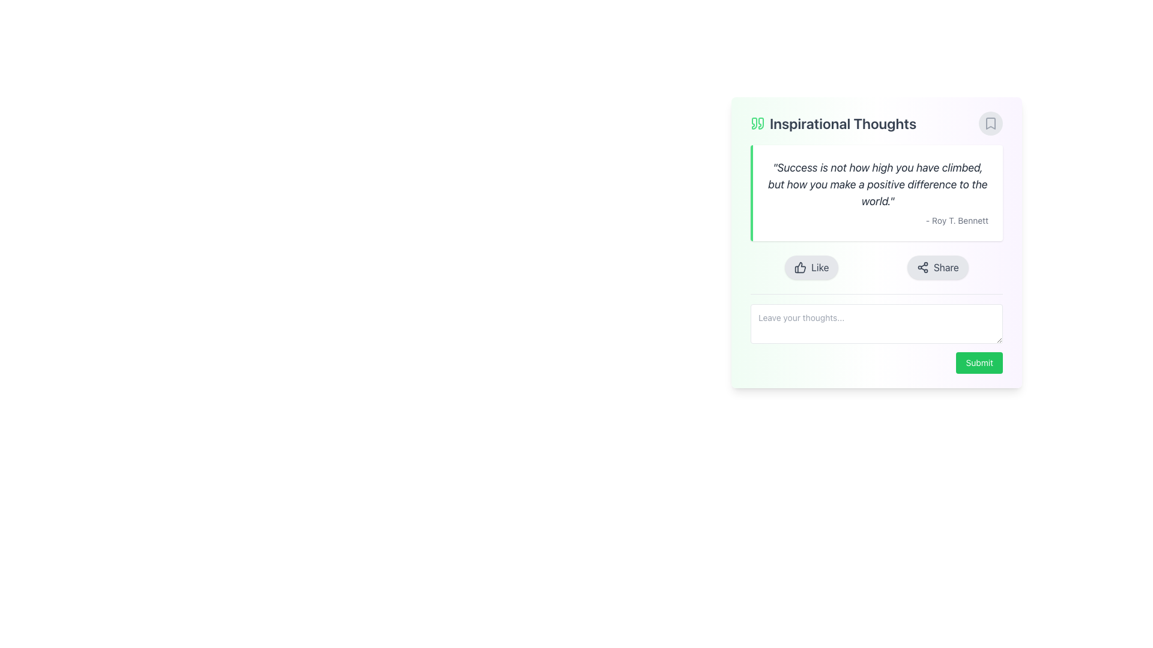 The width and height of the screenshot is (1153, 648). I want to click on the bookmark button located at the top-right corner of the 'Inspirational Thoughts' section, so click(991, 123).